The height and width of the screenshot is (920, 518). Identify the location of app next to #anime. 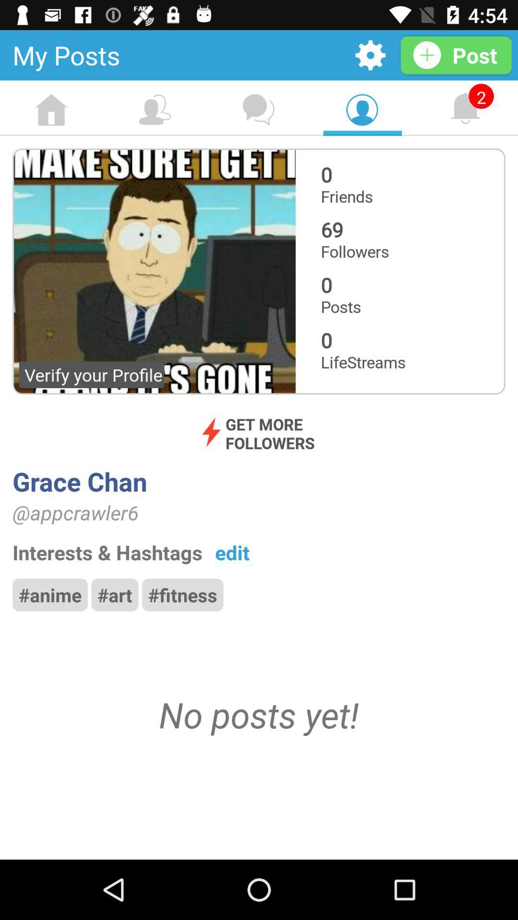
(114, 594).